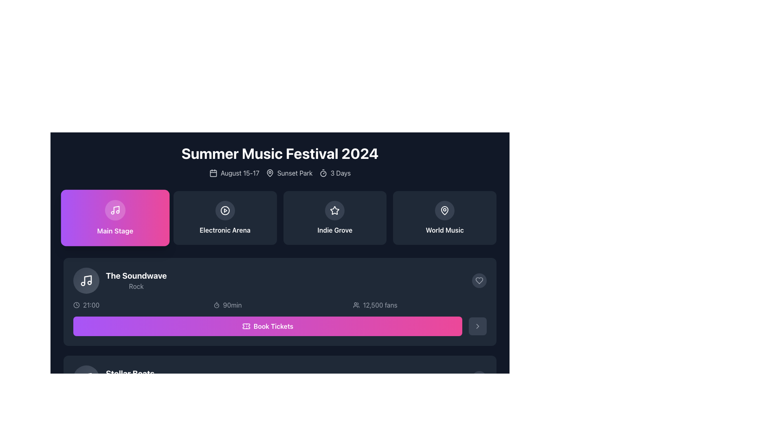 This screenshot has height=440, width=782. Describe the element at coordinates (289, 172) in the screenshot. I see `text element labeled 'Sunset Park', which indicates the location of an event within the Summer Music Festival 2024 interface` at that location.